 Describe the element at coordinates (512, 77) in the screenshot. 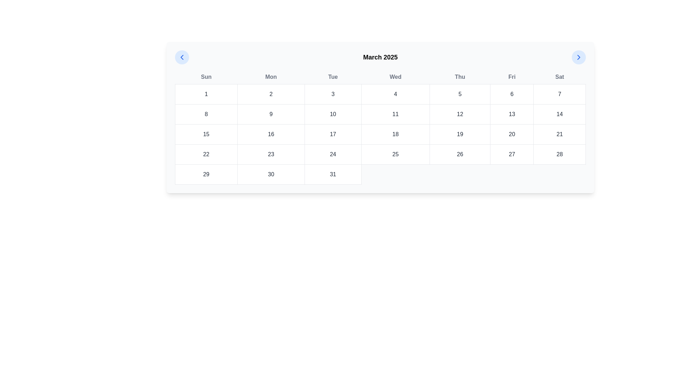

I see `the static label representing 'Friday' in the calendar interface, located in the sixth position of the weekday labels` at that location.